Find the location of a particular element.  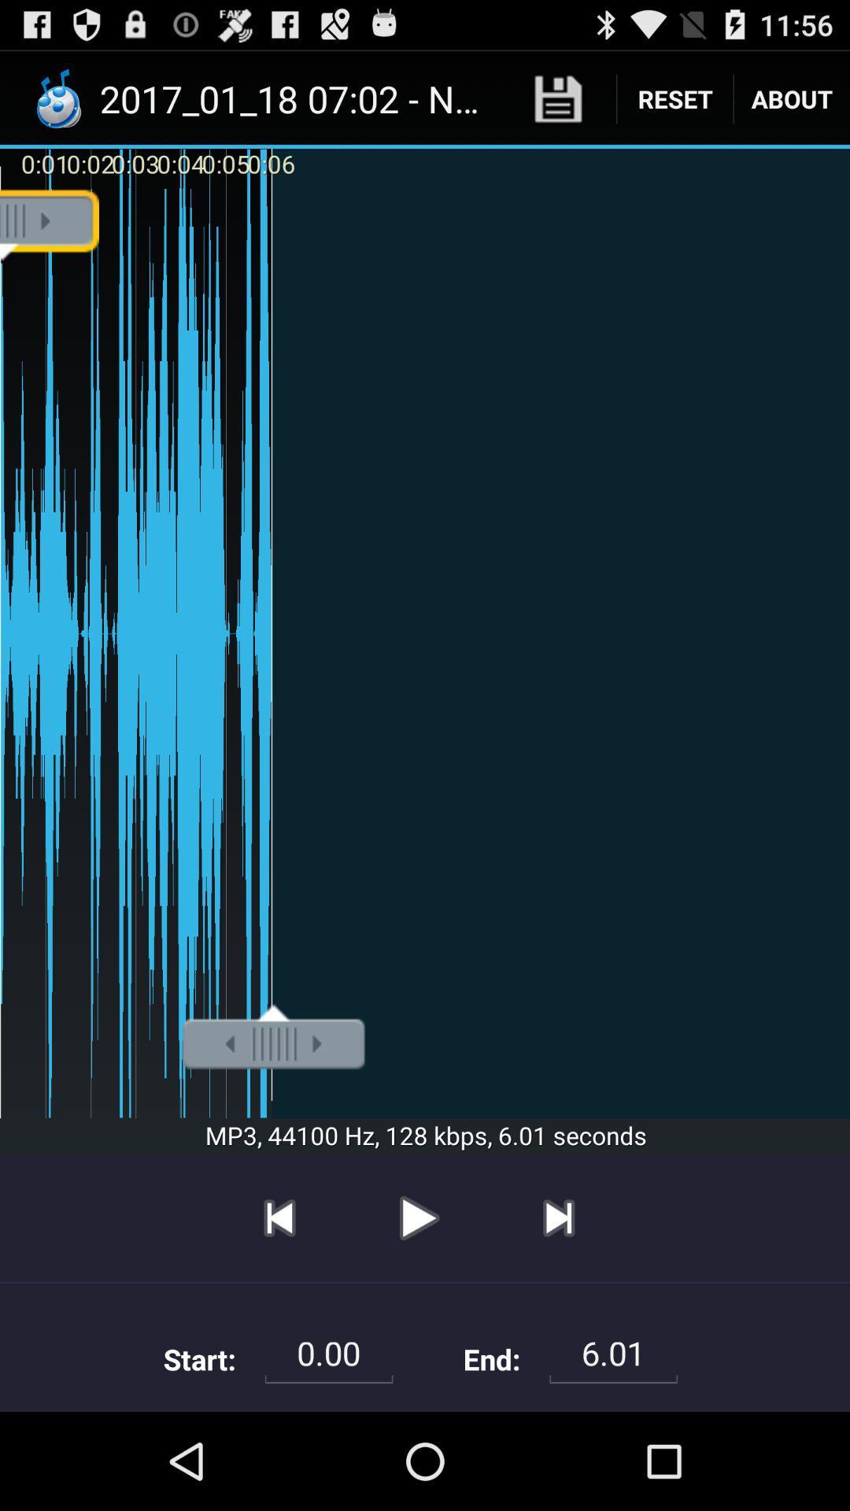

the skip_previous icon is located at coordinates (279, 1303).